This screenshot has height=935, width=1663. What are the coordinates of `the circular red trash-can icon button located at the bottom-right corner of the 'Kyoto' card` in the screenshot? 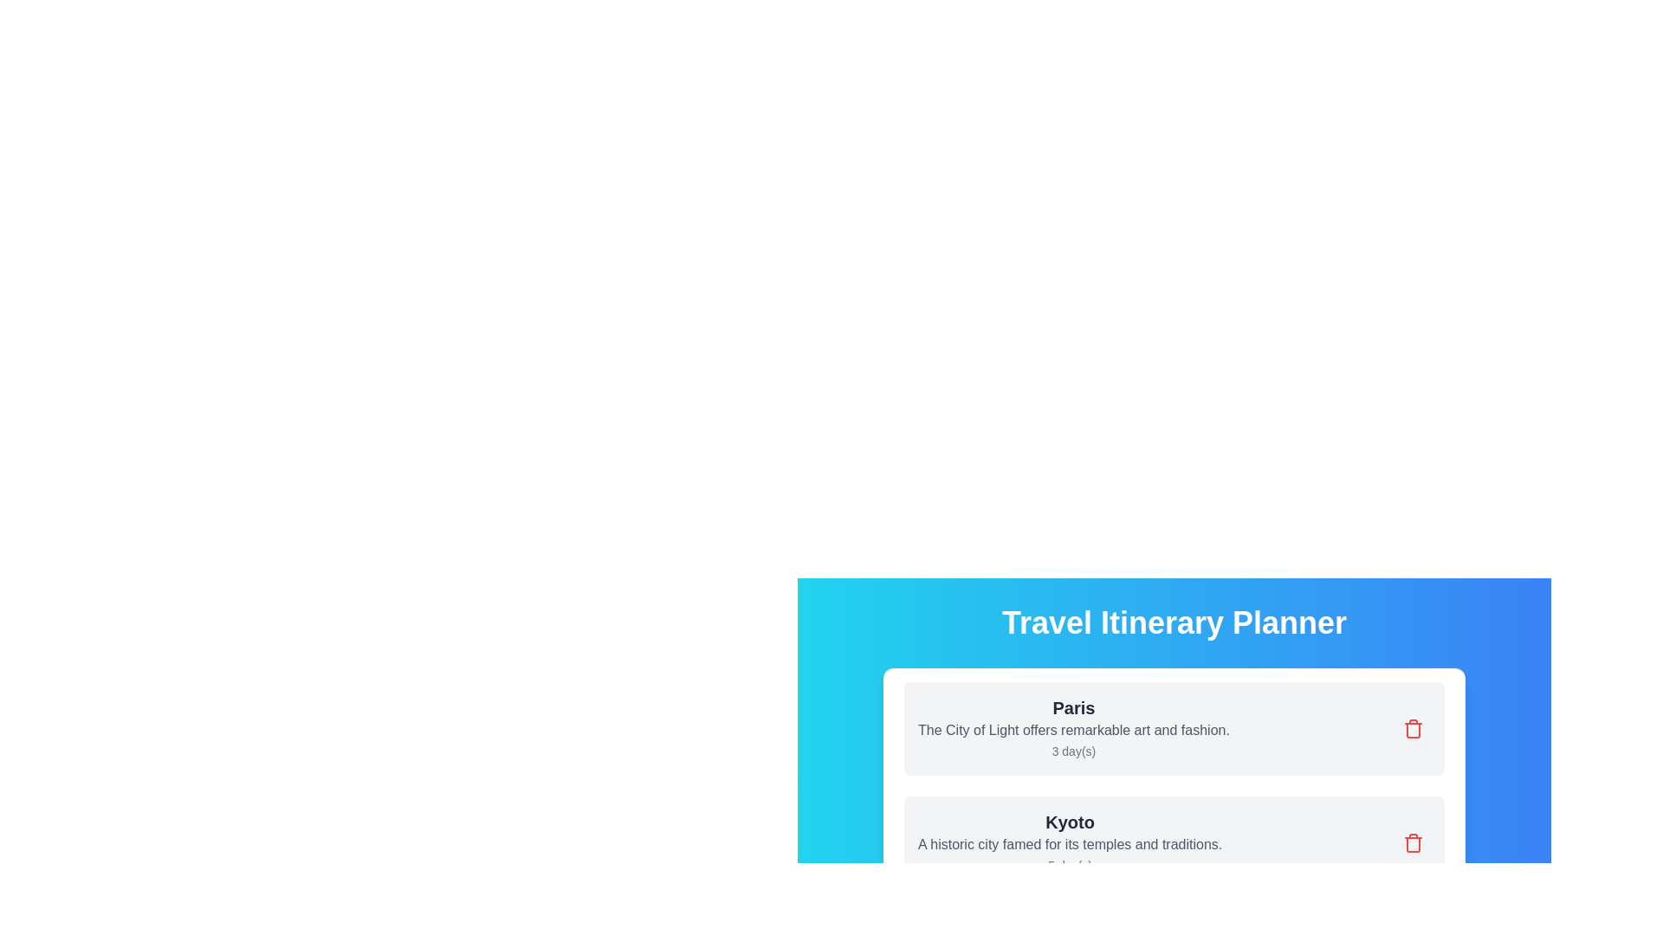 It's located at (1414, 842).